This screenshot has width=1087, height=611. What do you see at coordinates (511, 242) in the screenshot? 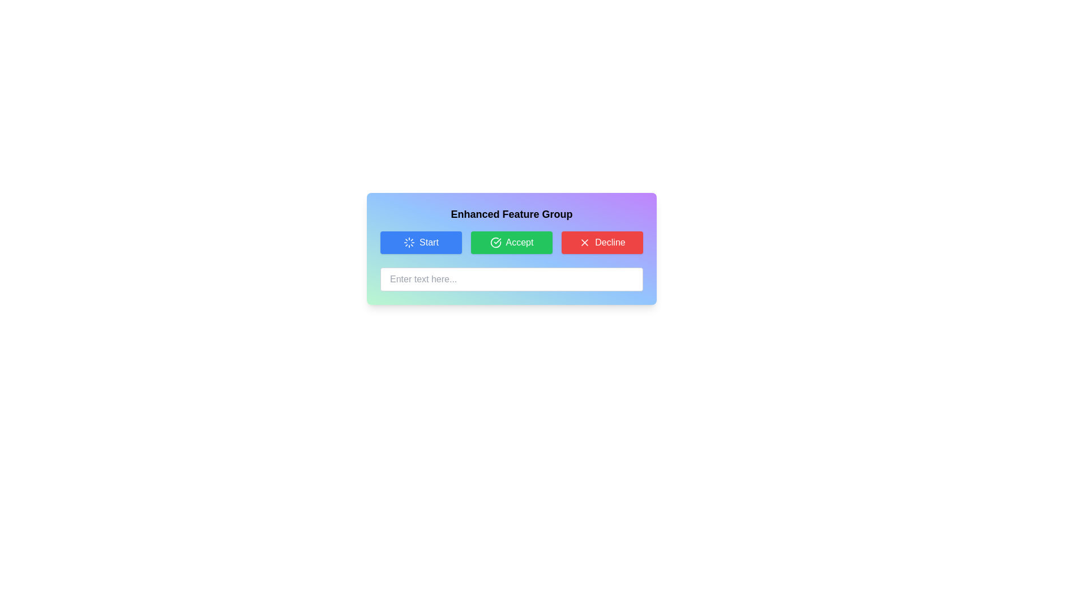
I see `the interactive button positioned between the blue 'Start' button and the red 'Decline' button` at bounding box center [511, 242].